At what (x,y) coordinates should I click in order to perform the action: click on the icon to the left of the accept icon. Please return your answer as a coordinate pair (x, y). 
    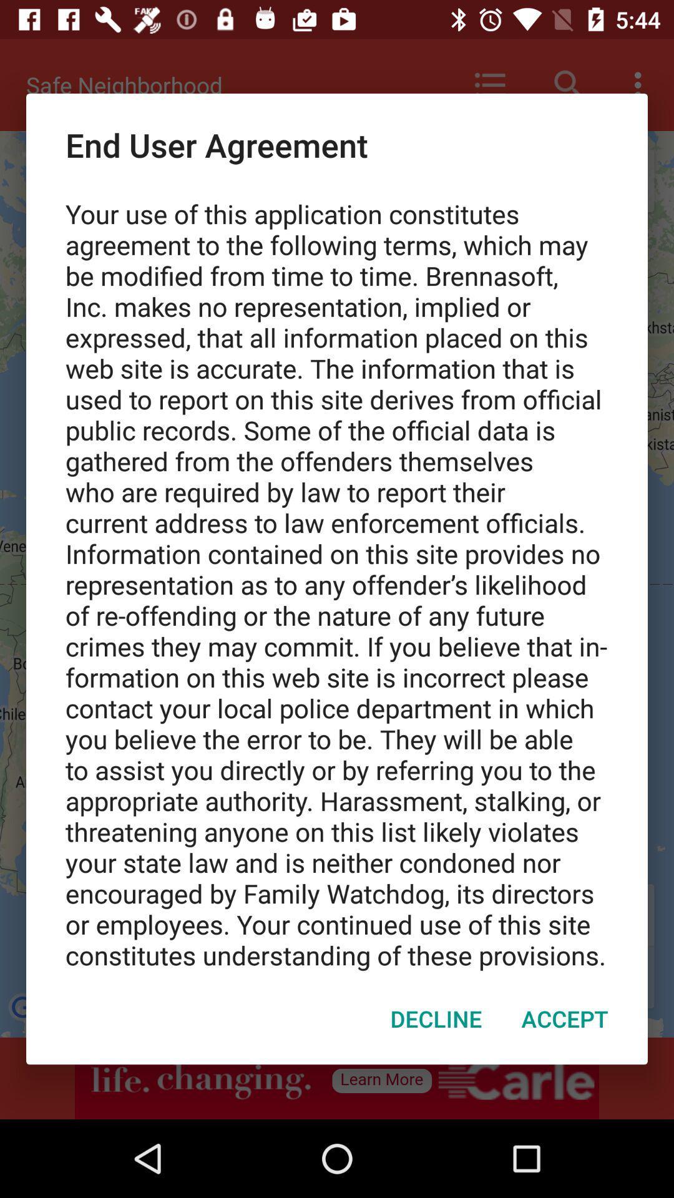
    Looking at the image, I should click on (435, 1018).